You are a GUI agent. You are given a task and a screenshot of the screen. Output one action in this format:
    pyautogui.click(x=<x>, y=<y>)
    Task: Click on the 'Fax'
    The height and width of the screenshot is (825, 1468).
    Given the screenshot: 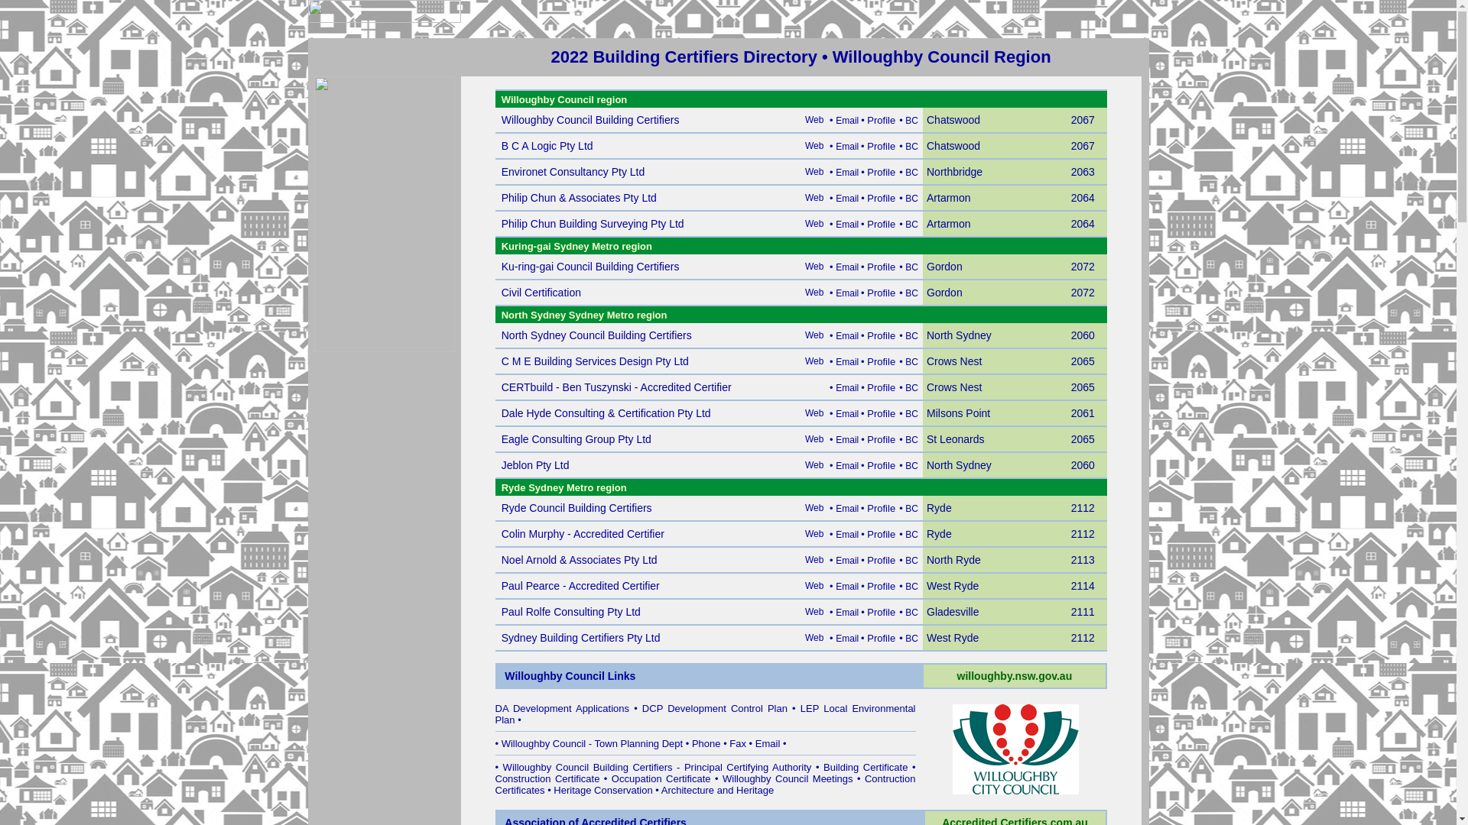 What is the action you would take?
    pyautogui.click(x=729, y=742)
    